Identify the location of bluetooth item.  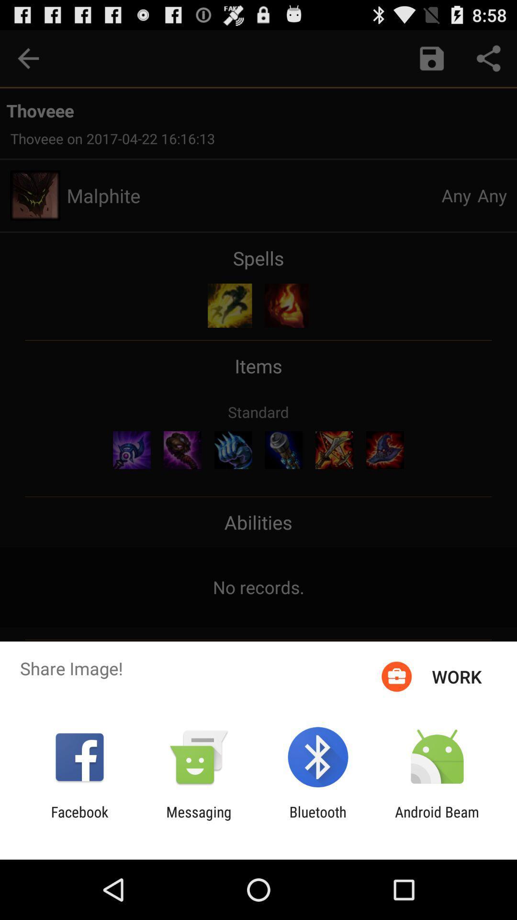
(318, 820).